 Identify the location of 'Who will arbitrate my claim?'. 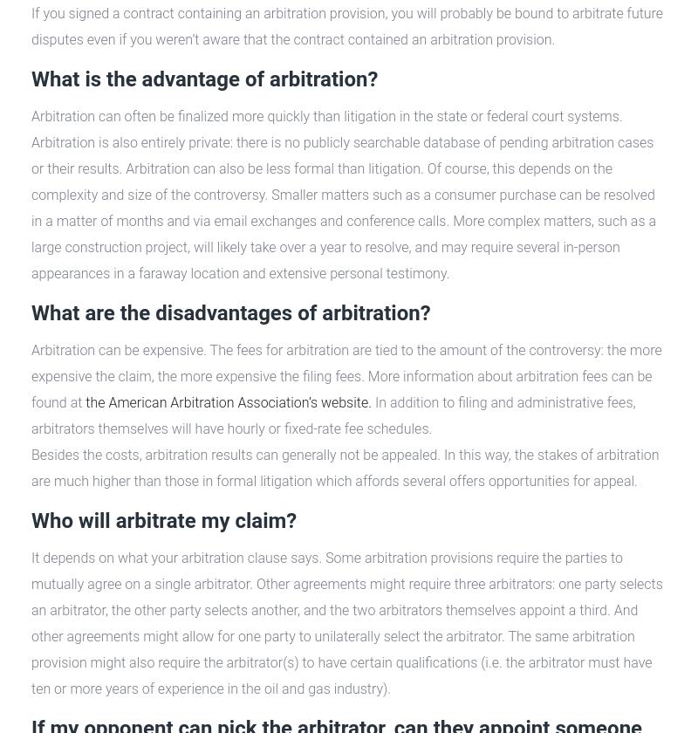
(163, 520).